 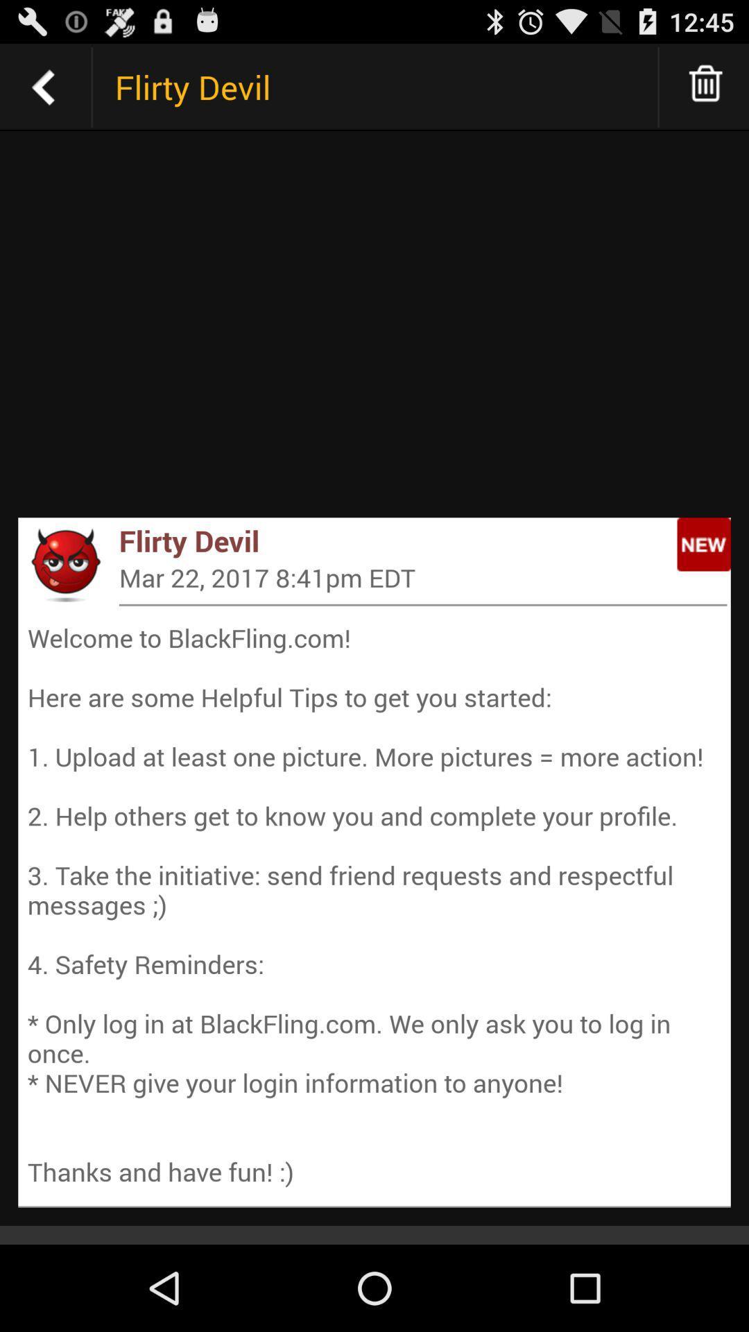 I want to click on the welcome to blackfling app, so click(x=374, y=905).